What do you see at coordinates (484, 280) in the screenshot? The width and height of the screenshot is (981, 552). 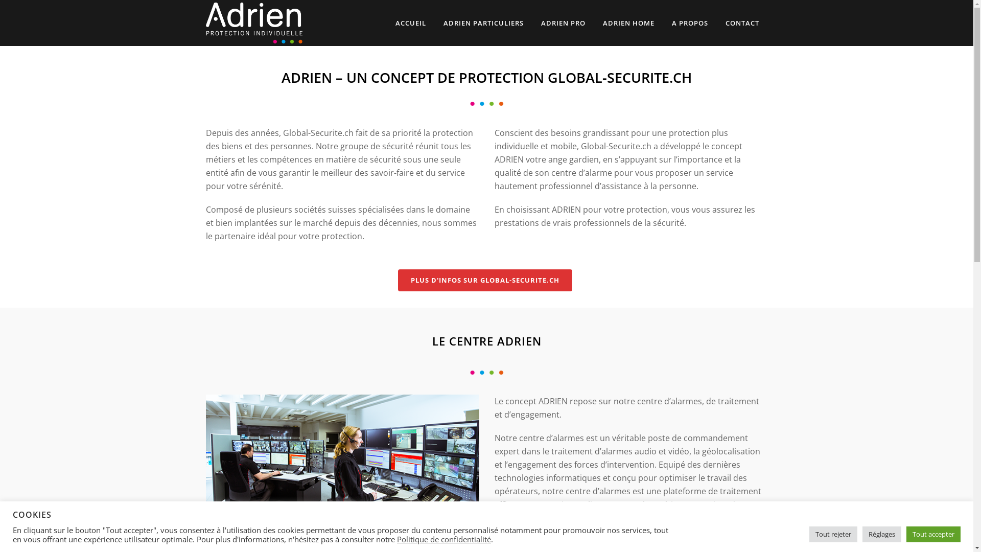 I see `'PLUS D'INFOS SUR GLOBAL-SECURITE.CH'` at bounding box center [484, 280].